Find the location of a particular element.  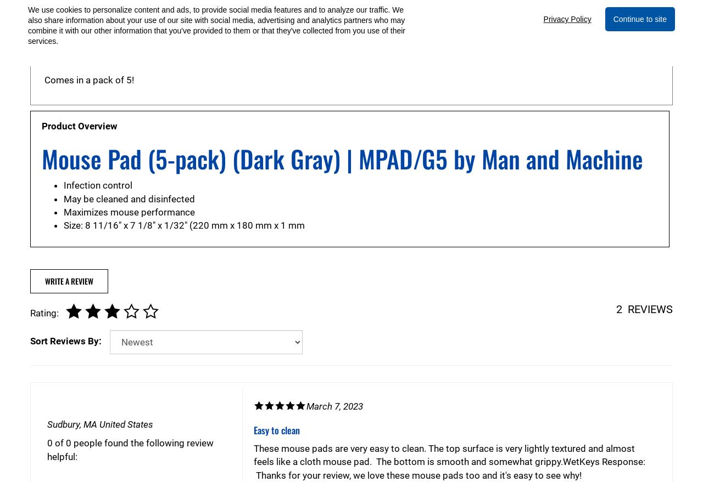

'Sterilizable' is located at coordinates (68, 33).